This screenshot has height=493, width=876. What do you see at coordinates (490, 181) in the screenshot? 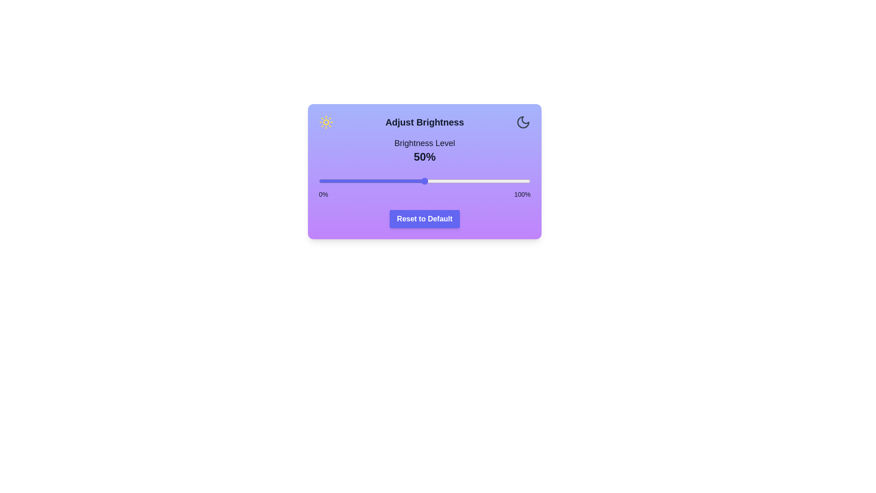
I see `the brightness to 81% by moving the slider` at bounding box center [490, 181].